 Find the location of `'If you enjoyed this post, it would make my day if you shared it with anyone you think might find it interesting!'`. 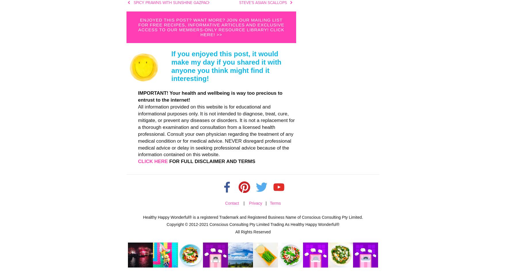

'If you enjoyed this post, it would make my day if you shared it with anyone you think might find it interesting!' is located at coordinates (226, 66).